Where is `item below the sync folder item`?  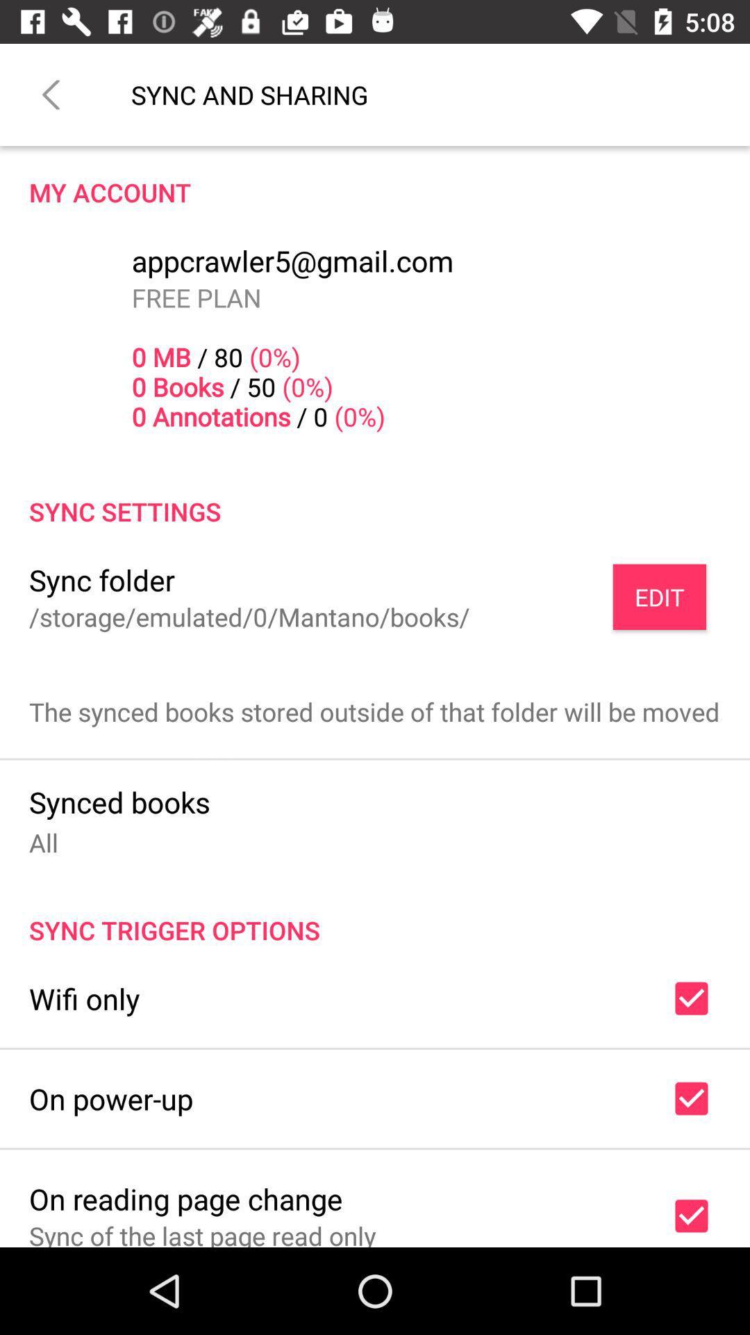 item below the sync folder item is located at coordinates (249, 616).